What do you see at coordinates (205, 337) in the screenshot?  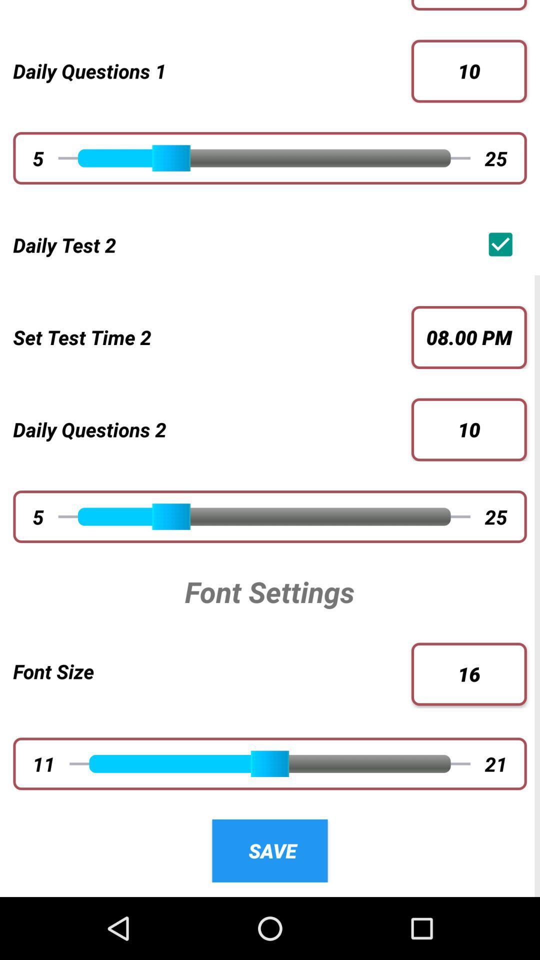 I see `button next to the  08.00 pm  icon` at bounding box center [205, 337].